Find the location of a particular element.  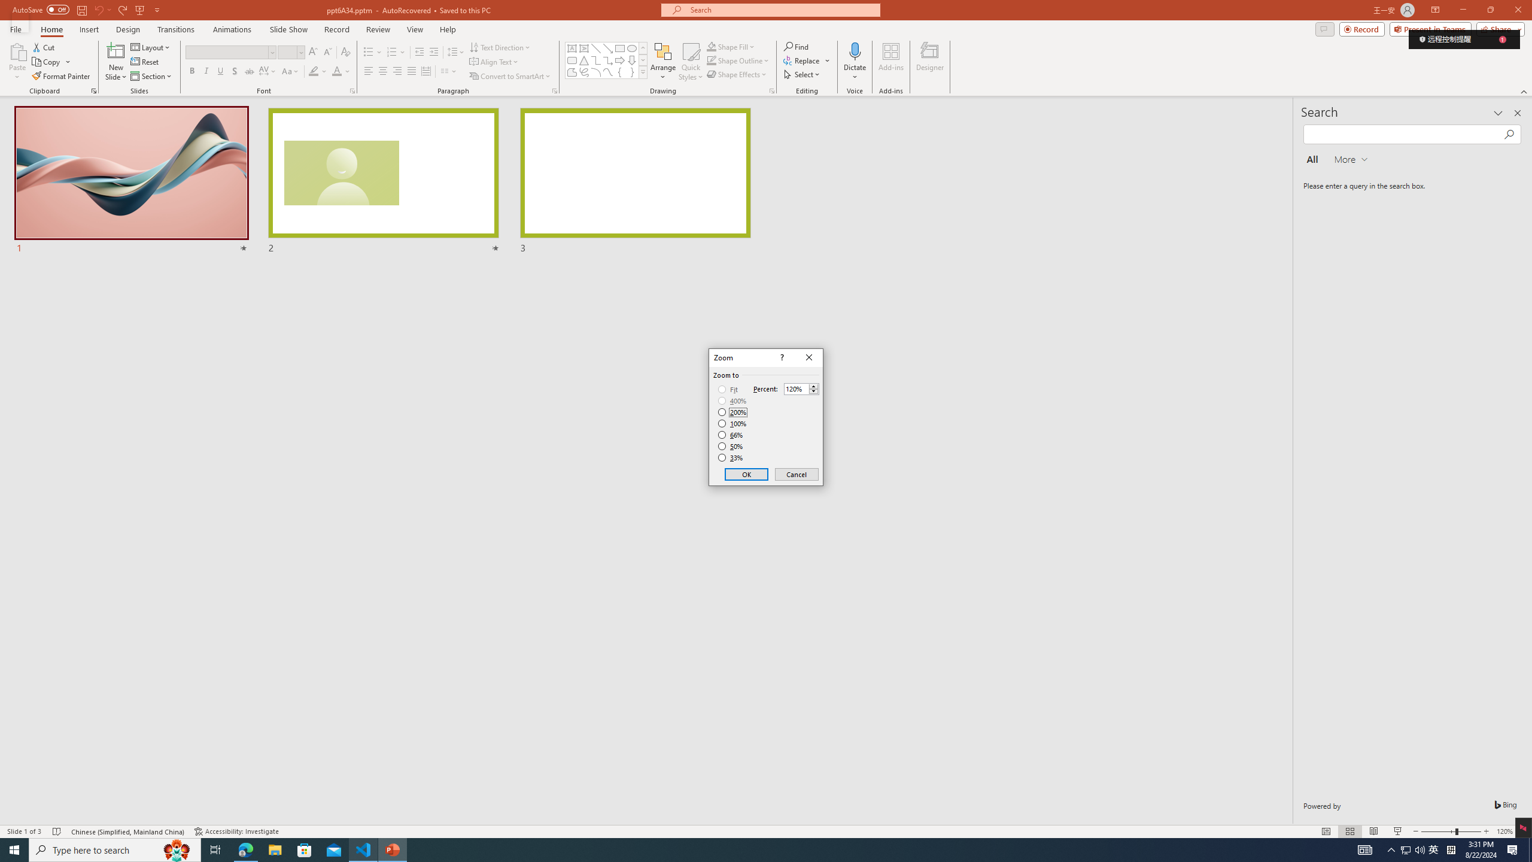

'Search highlights icon opens search home window' is located at coordinates (176, 849).